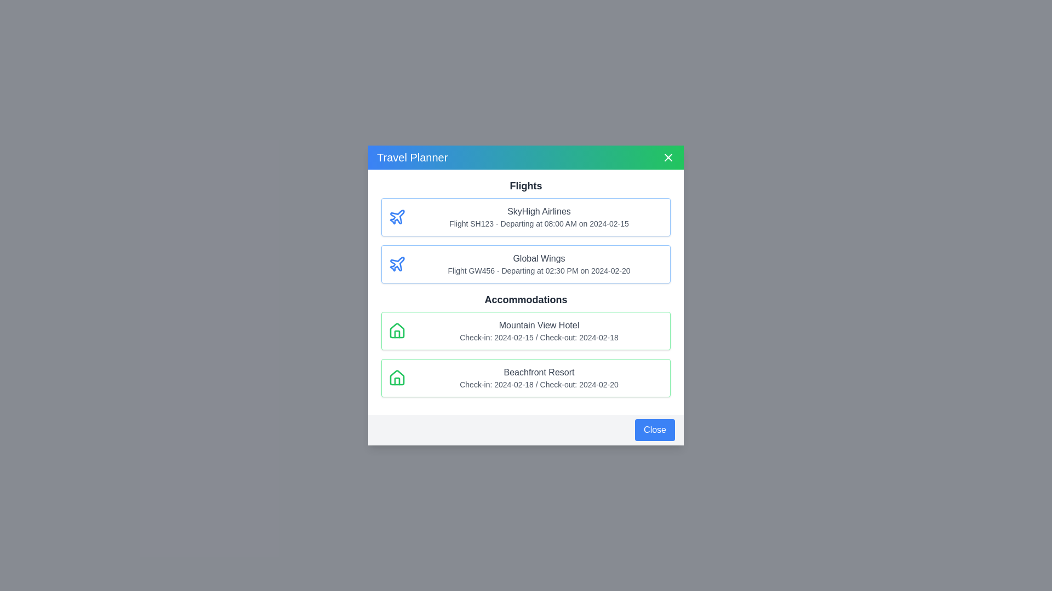 The image size is (1052, 591). Describe the element at coordinates (396, 217) in the screenshot. I see `the flight category icon located at the top-left corner of the first card under the 'Flights' section, which visually signifies flight-related content` at that location.